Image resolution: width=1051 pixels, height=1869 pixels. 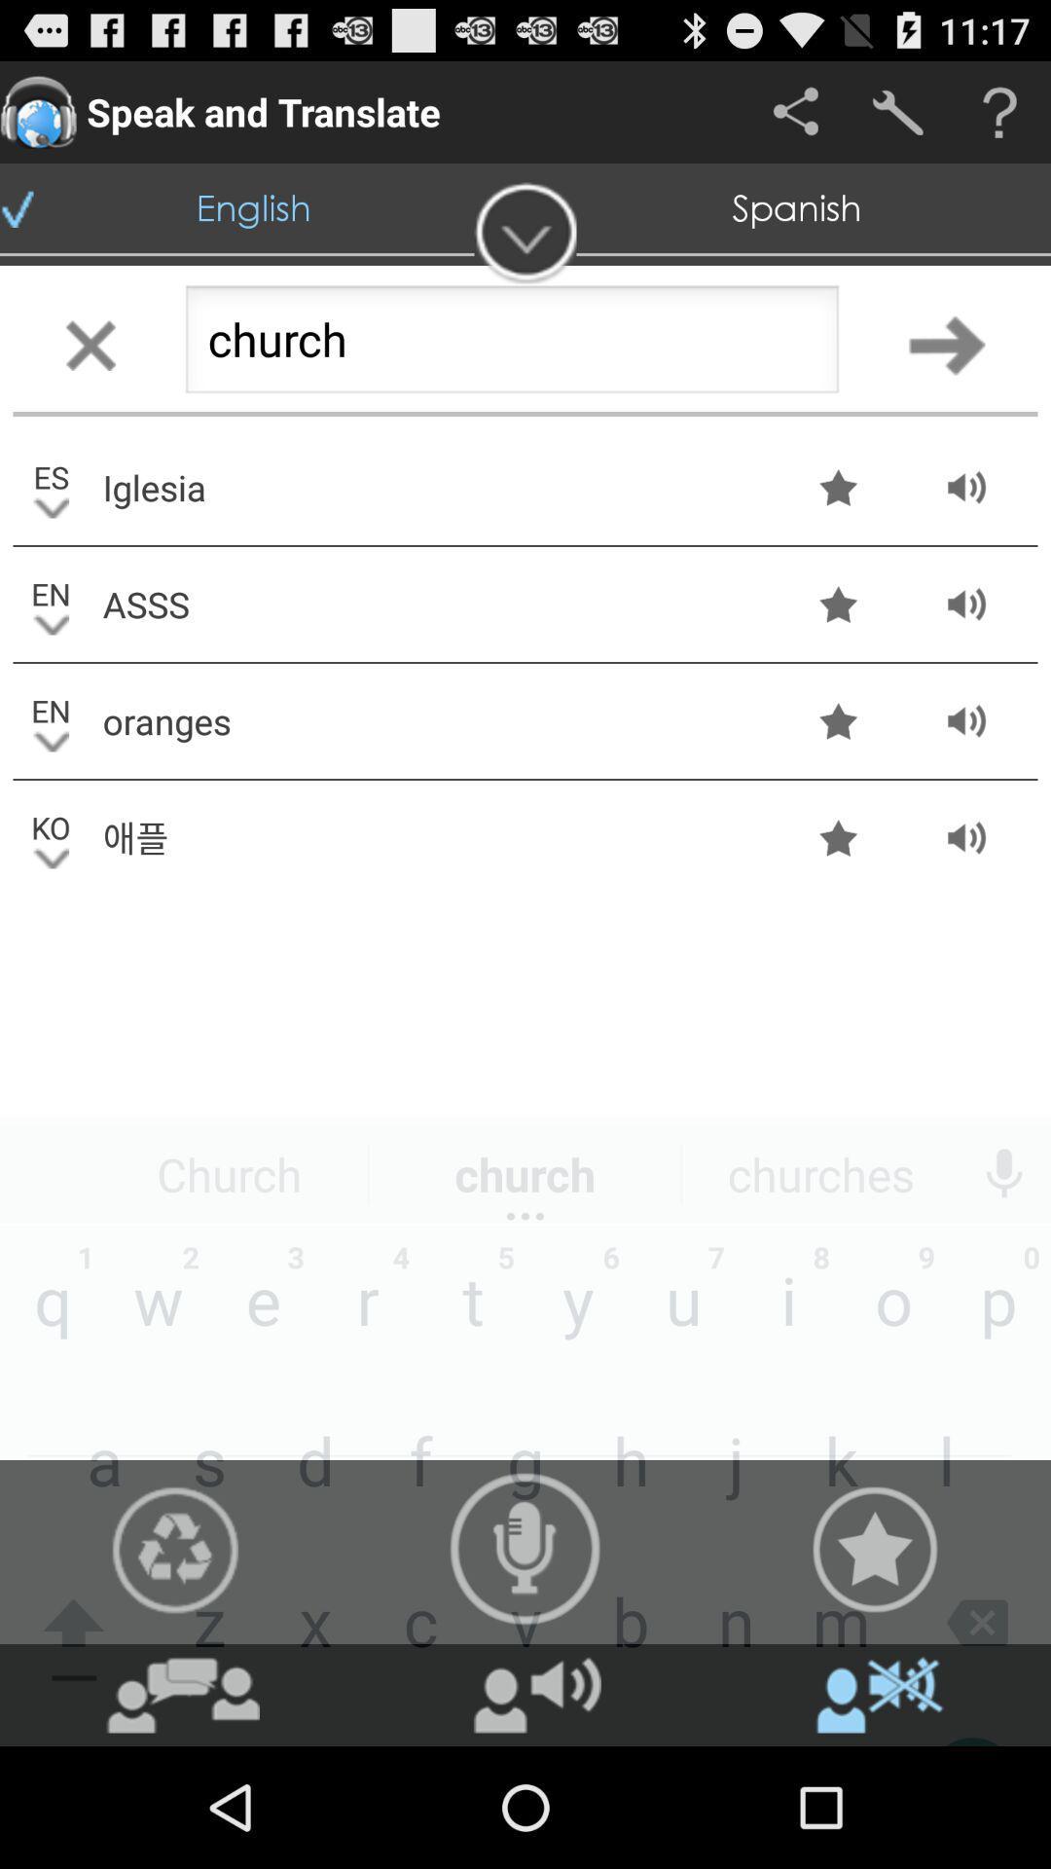 What do you see at coordinates (966, 487) in the screenshot?
I see `the volume icon of iglesia` at bounding box center [966, 487].